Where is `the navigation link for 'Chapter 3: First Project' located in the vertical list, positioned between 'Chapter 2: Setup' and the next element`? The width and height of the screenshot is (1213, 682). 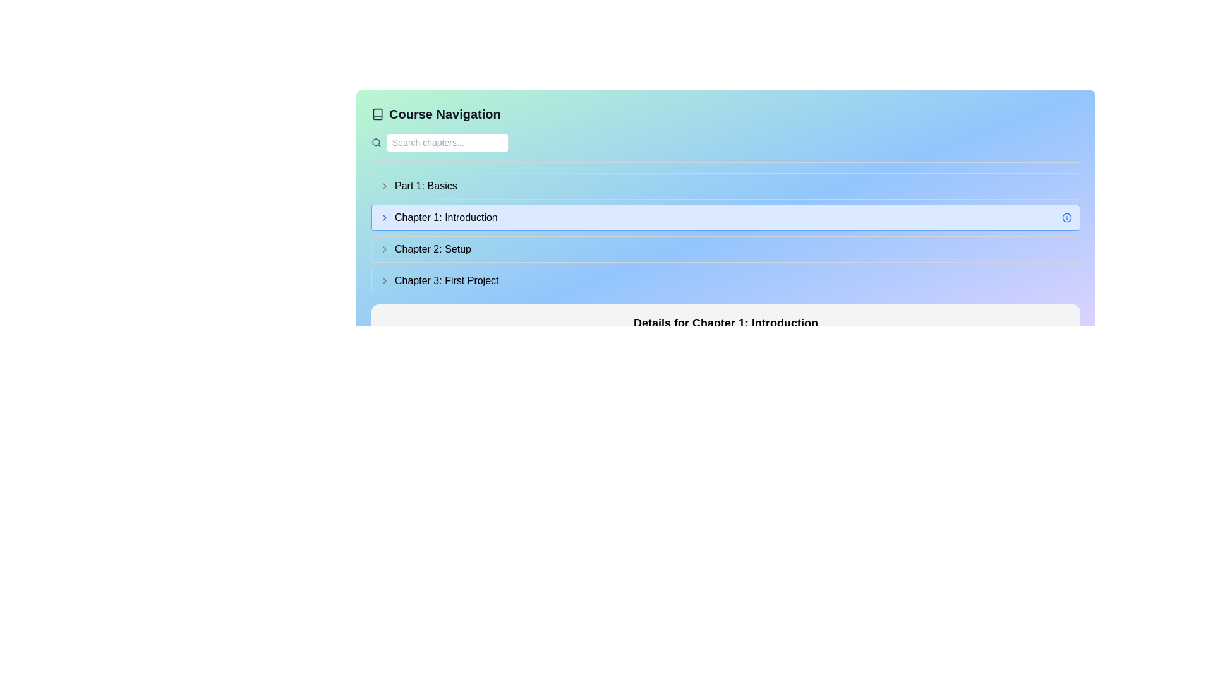 the navigation link for 'Chapter 3: First Project' located in the vertical list, positioned between 'Chapter 2: Setup' and the next element is located at coordinates (439, 280).